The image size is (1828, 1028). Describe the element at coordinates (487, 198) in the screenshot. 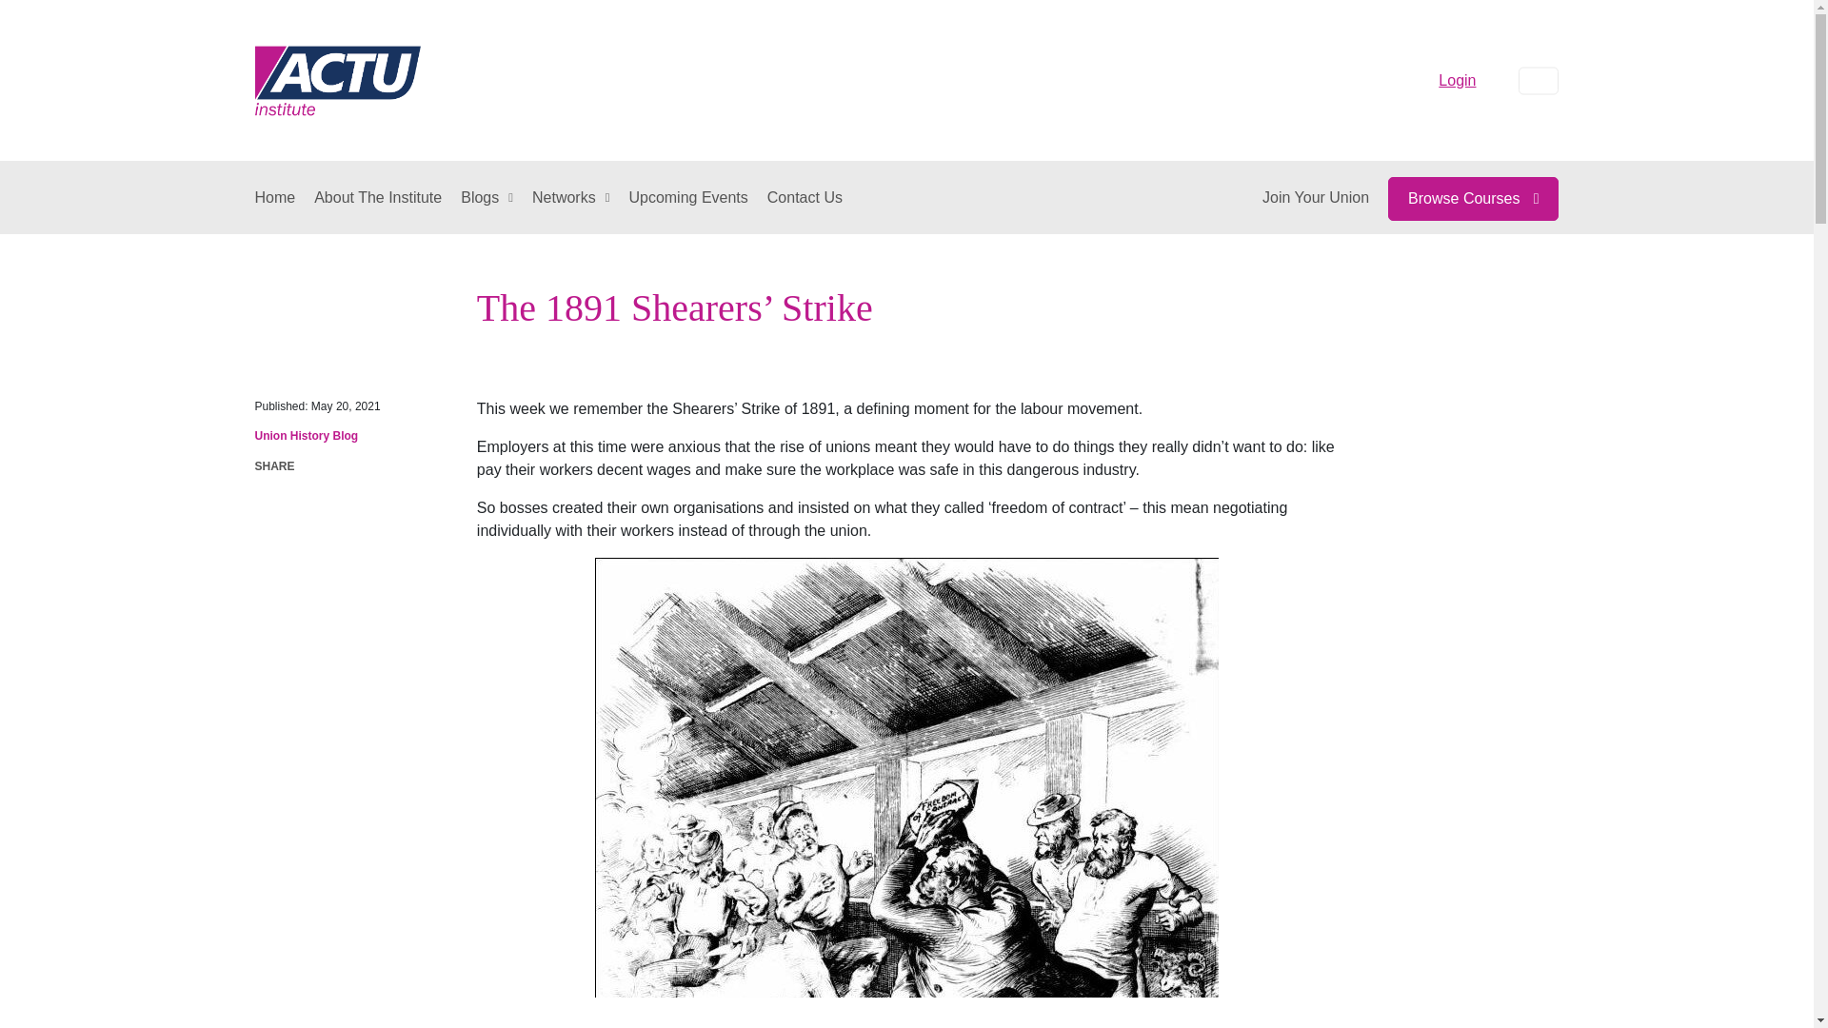

I see `'Blogs'` at that location.